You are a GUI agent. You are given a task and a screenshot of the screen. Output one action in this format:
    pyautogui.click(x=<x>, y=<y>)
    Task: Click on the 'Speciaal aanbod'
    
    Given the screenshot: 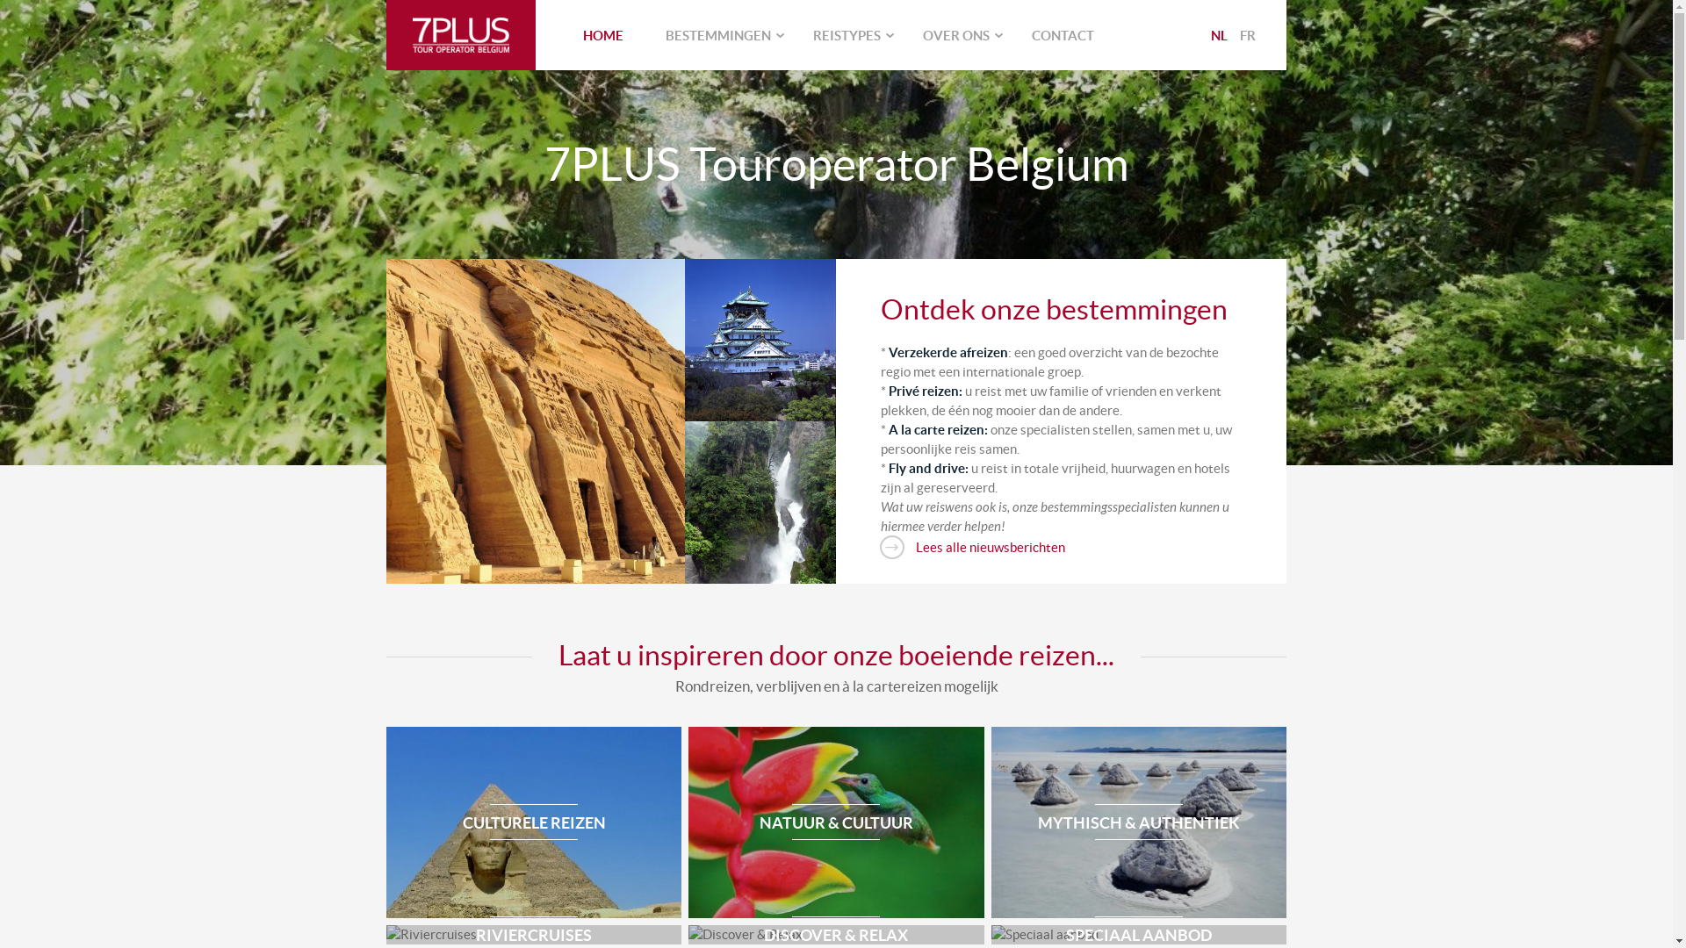 What is the action you would take?
    pyautogui.click(x=1138, y=933)
    